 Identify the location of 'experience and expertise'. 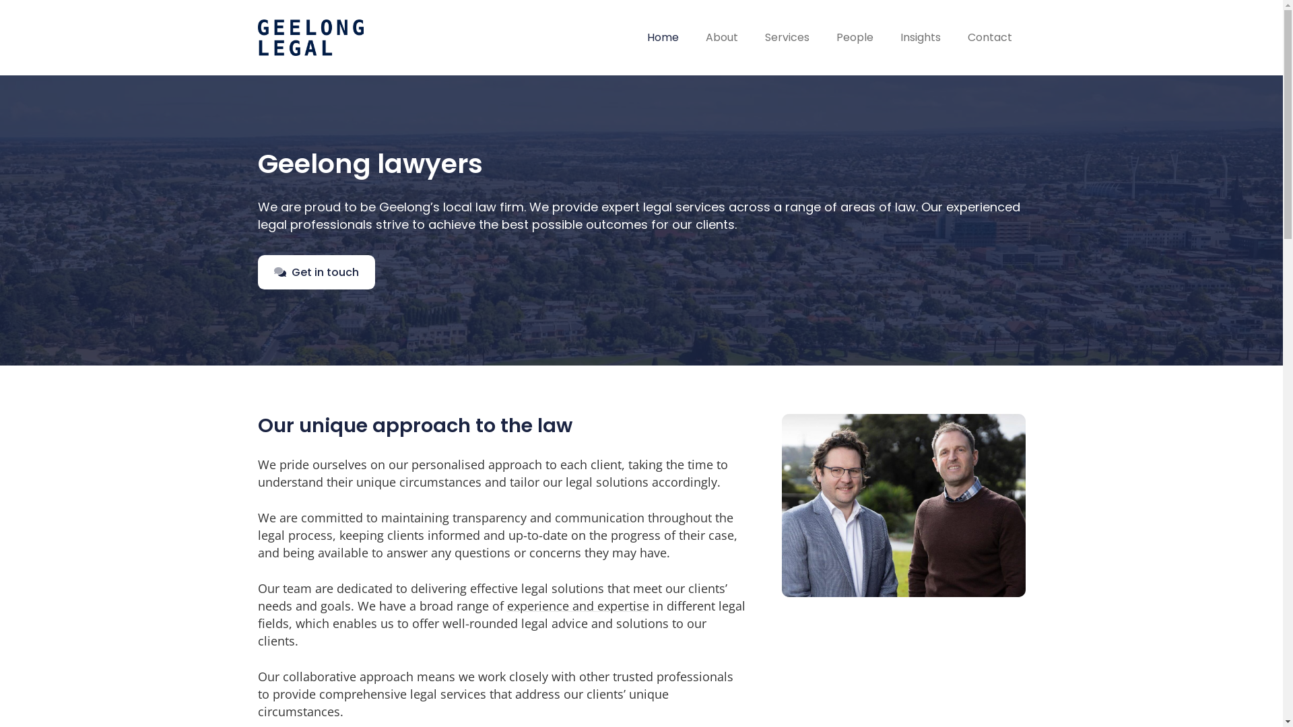
(577, 604).